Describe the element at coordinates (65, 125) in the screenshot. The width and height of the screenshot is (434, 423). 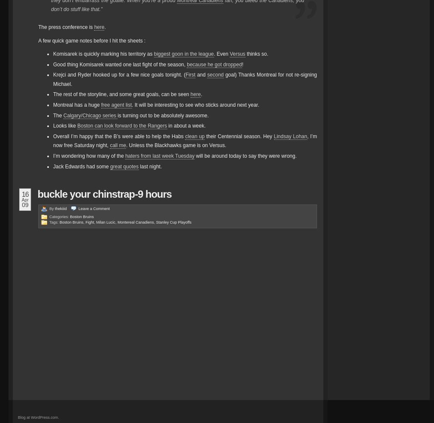
I see `'Looks like'` at that location.